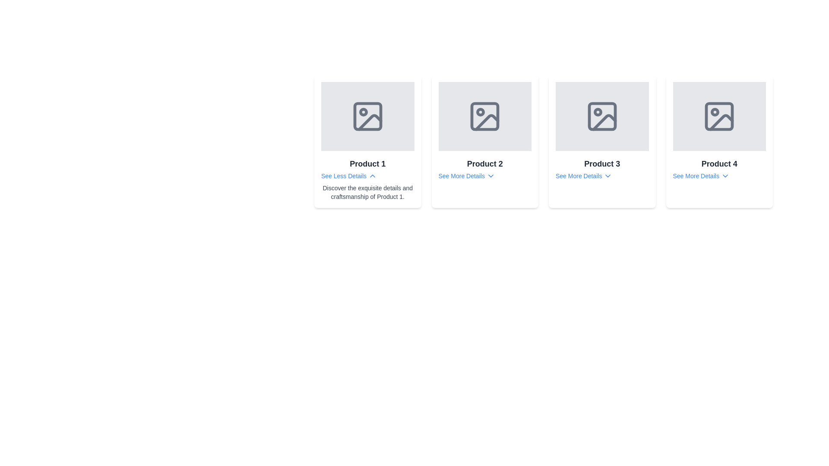 The height and width of the screenshot is (466, 829). What do you see at coordinates (701, 176) in the screenshot?
I see `the interactive text with an accompanying icon located at the bottom-right corner of the 'Product 4' card` at bounding box center [701, 176].